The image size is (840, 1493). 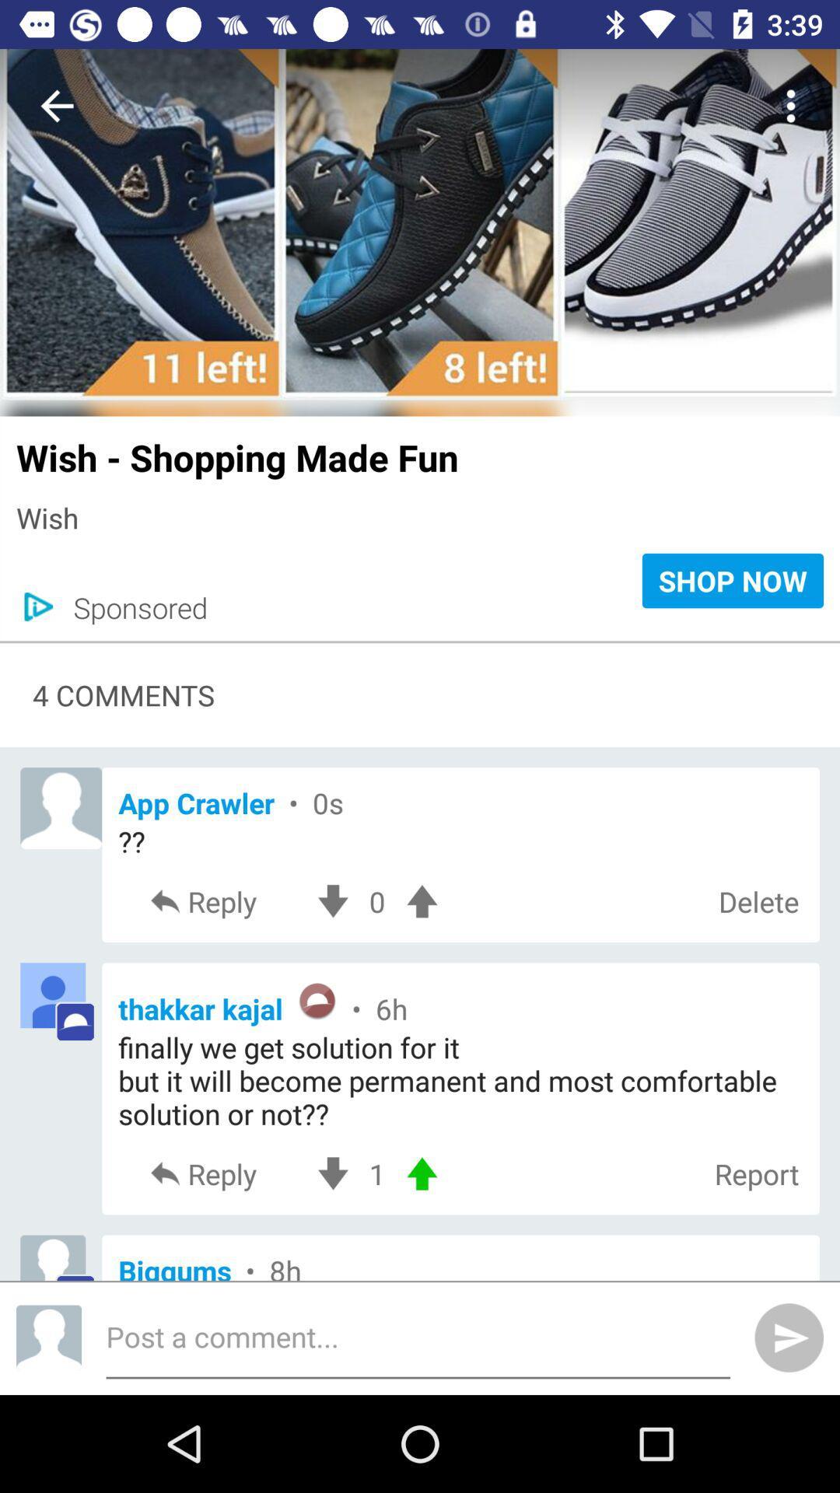 I want to click on item below 4 comments icon, so click(x=460, y=802).